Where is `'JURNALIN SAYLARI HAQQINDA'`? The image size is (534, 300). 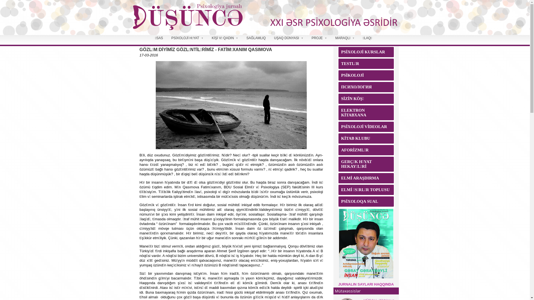
'JURNALIN SAYLARI HAQQINDA' is located at coordinates (366, 284).